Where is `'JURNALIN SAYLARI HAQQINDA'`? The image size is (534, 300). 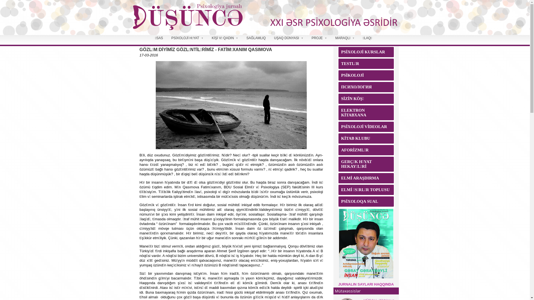
'JURNALIN SAYLARI HAQQINDA' is located at coordinates (366, 284).